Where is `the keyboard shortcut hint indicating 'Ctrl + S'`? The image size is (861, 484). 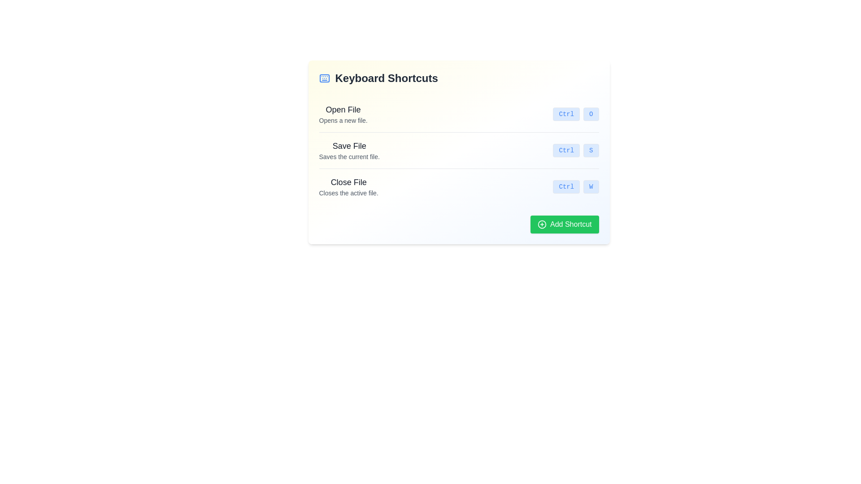 the keyboard shortcut hint indicating 'Ctrl + S' is located at coordinates (576, 150).